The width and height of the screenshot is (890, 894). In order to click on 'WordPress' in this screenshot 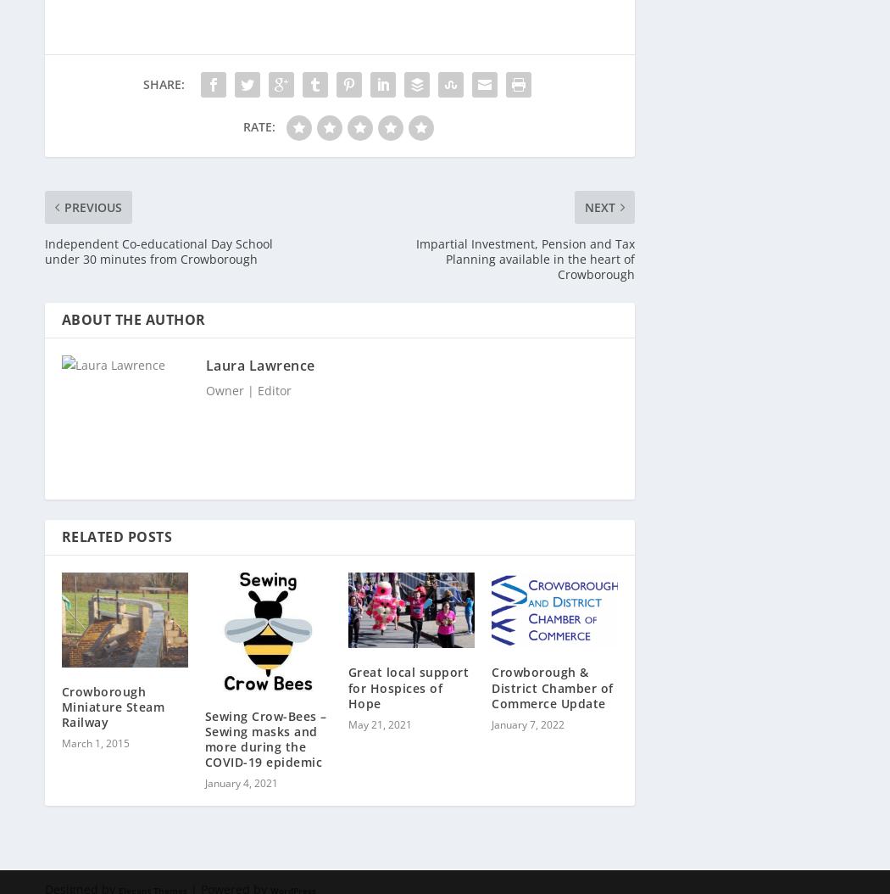, I will do `click(270, 880)`.